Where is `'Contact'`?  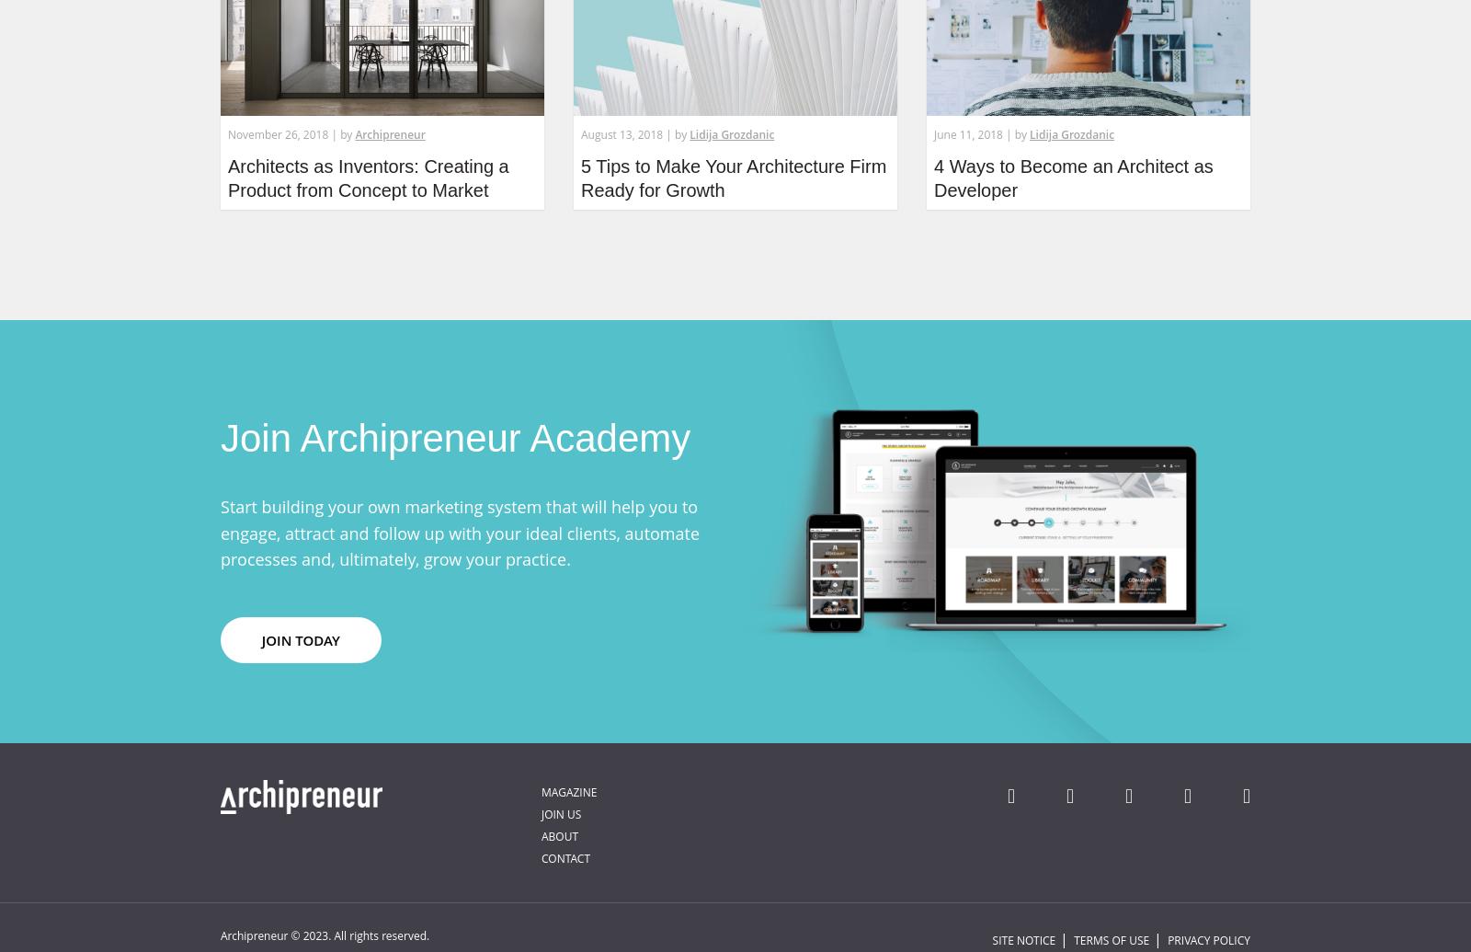 'Contact' is located at coordinates (540, 856).